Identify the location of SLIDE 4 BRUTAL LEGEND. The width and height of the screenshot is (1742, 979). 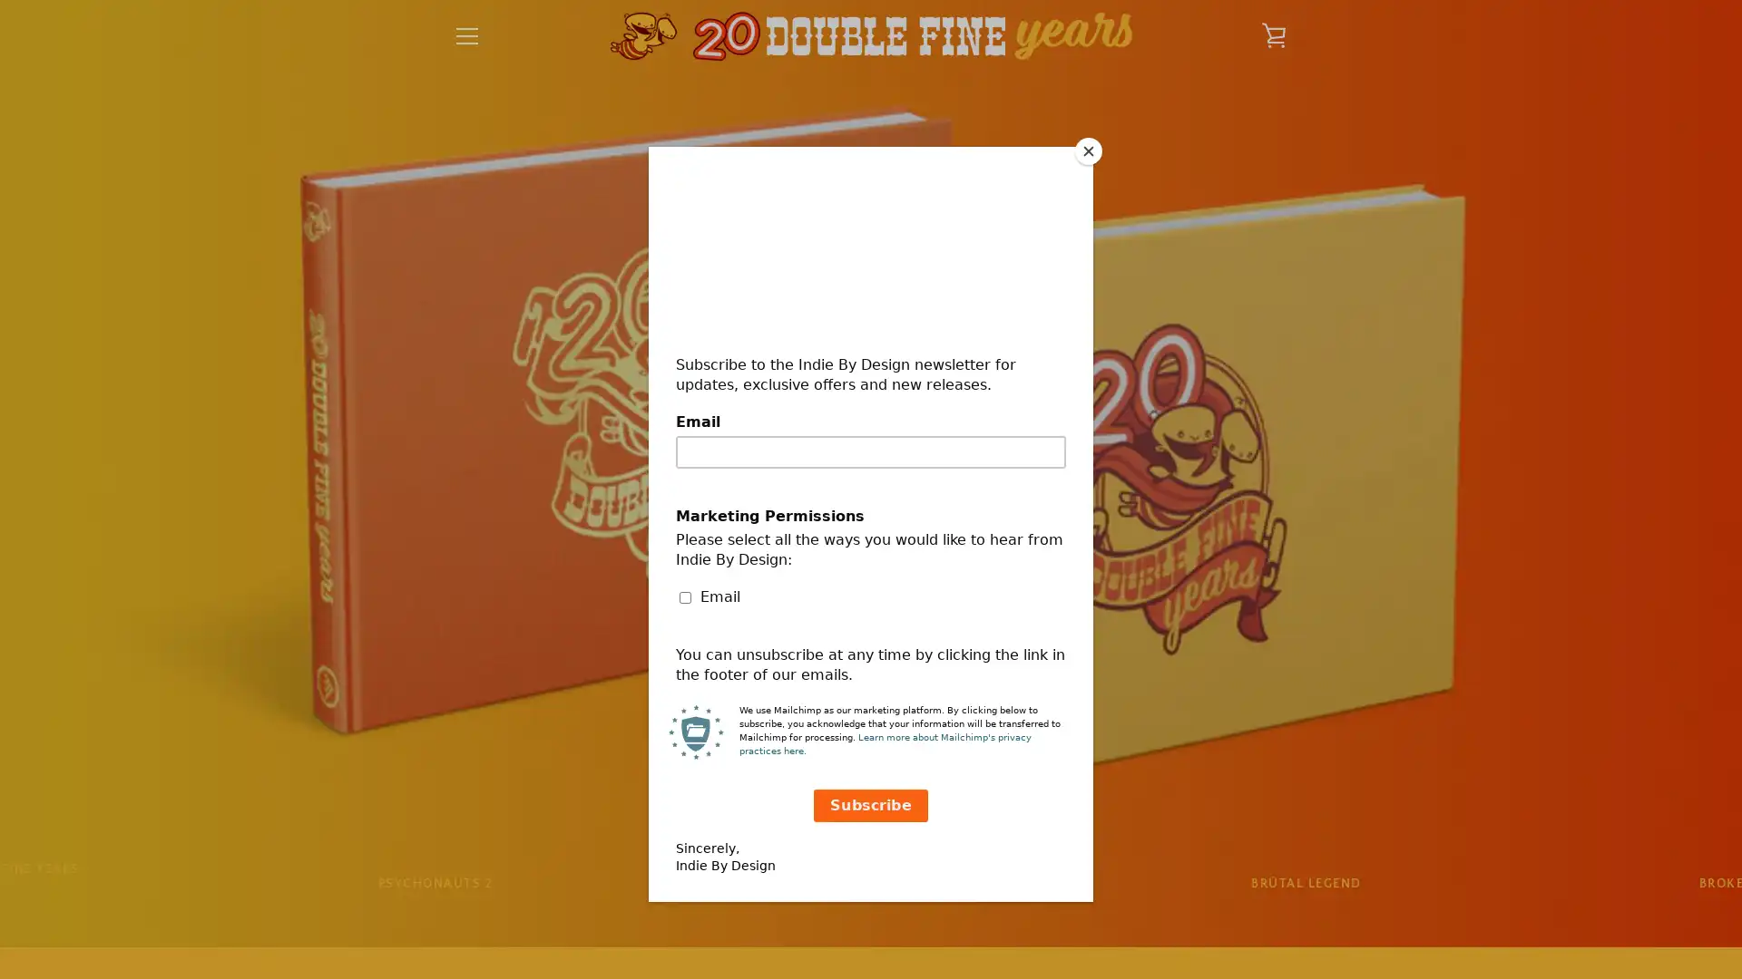
(1305, 883).